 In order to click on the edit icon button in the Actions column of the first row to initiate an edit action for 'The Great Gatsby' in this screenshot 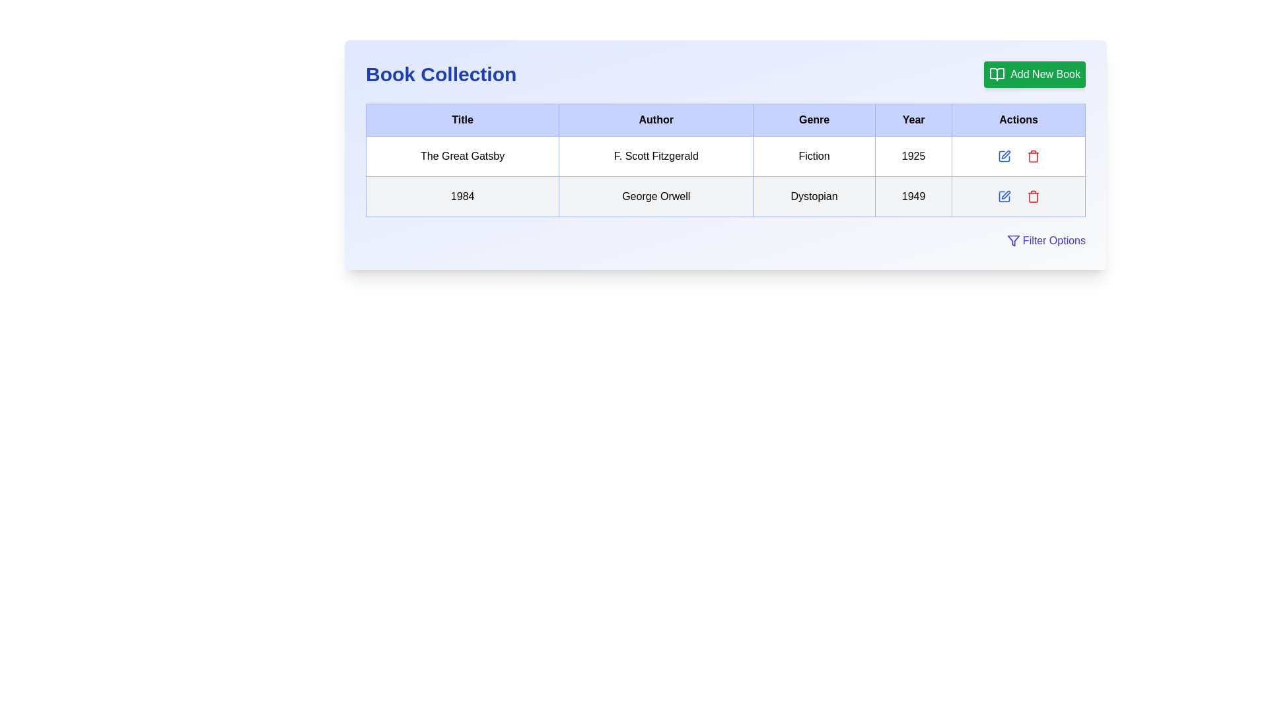, I will do `click(1004, 155)`.